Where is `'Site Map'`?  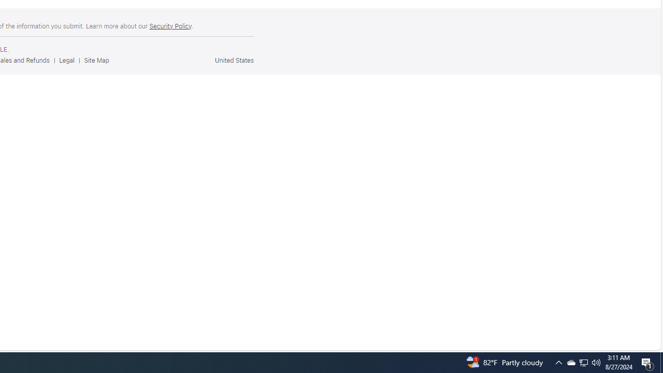 'Site Map' is located at coordinates (96, 60).